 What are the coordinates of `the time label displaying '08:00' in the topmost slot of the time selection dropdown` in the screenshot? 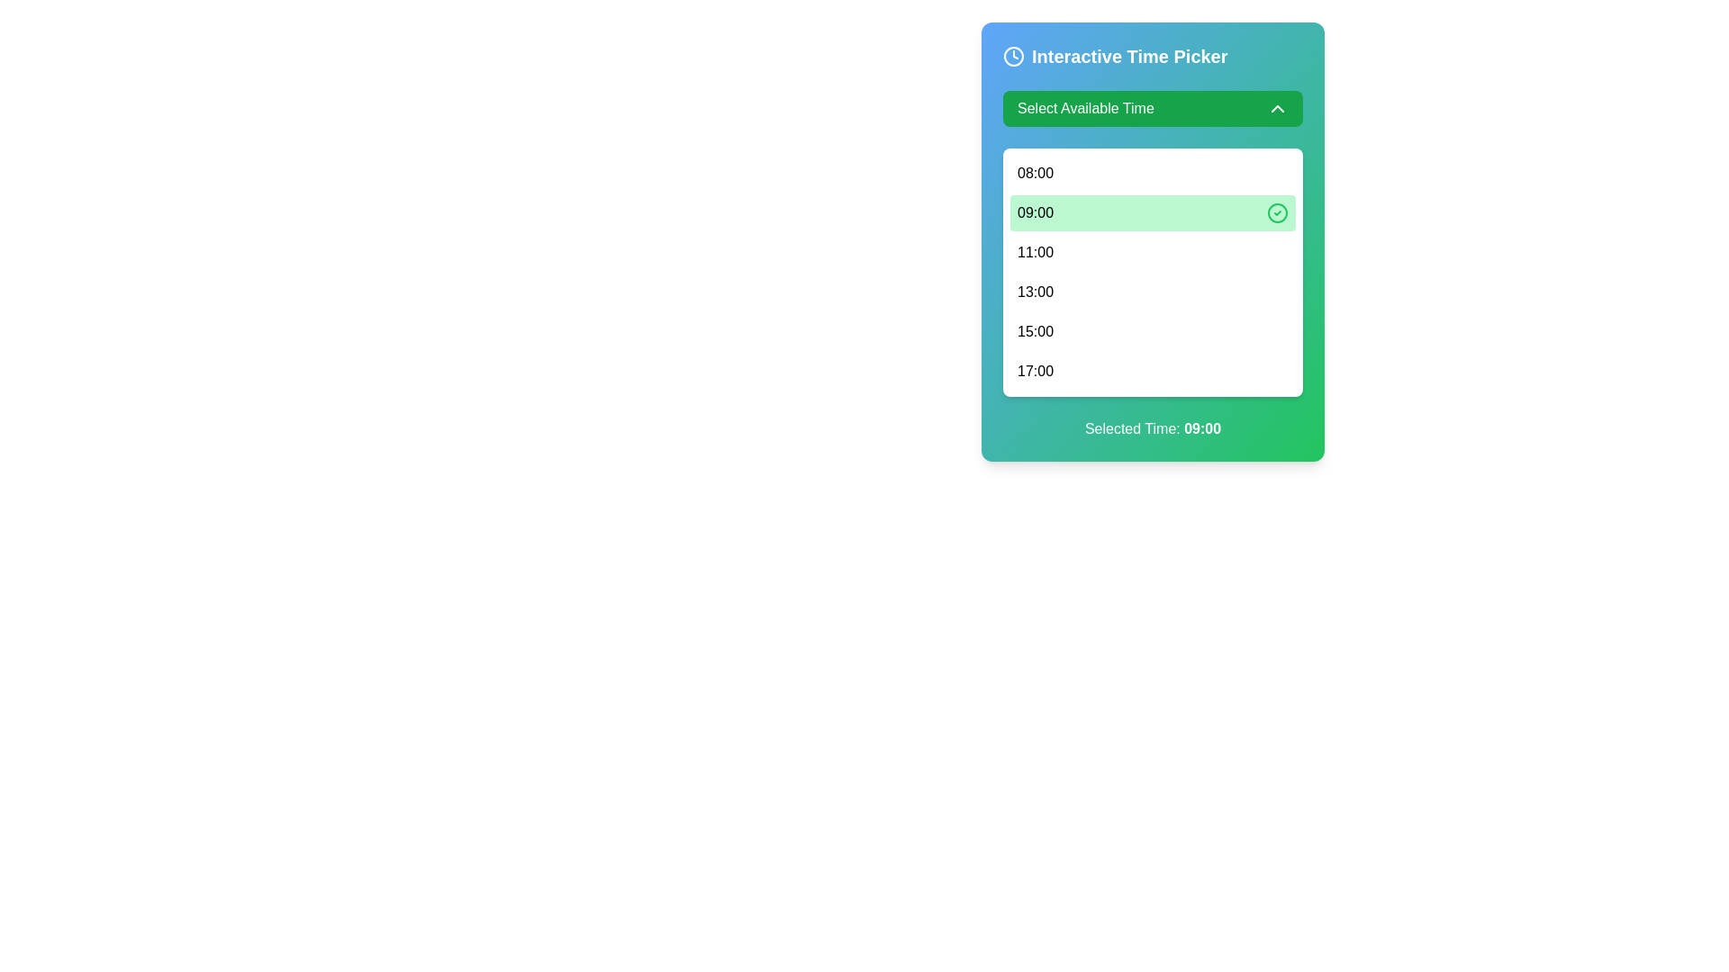 It's located at (1036, 173).